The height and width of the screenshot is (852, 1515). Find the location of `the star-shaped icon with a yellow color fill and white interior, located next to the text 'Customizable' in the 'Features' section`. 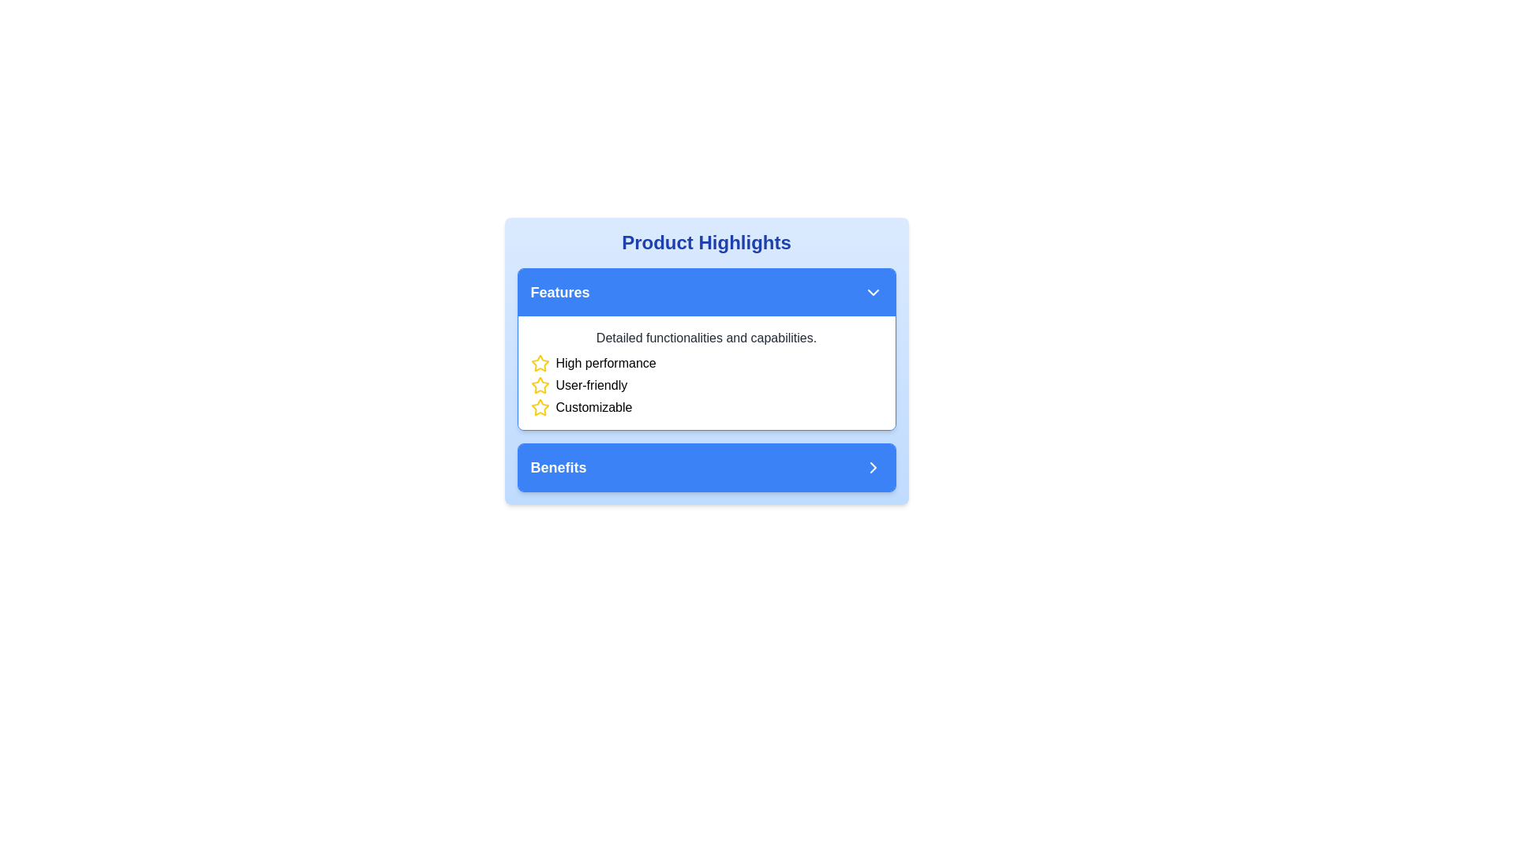

the star-shaped icon with a yellow color fill and white interior, located next to the text 'Customizable' in the 'Features' section is located at coordinates (540, 406).